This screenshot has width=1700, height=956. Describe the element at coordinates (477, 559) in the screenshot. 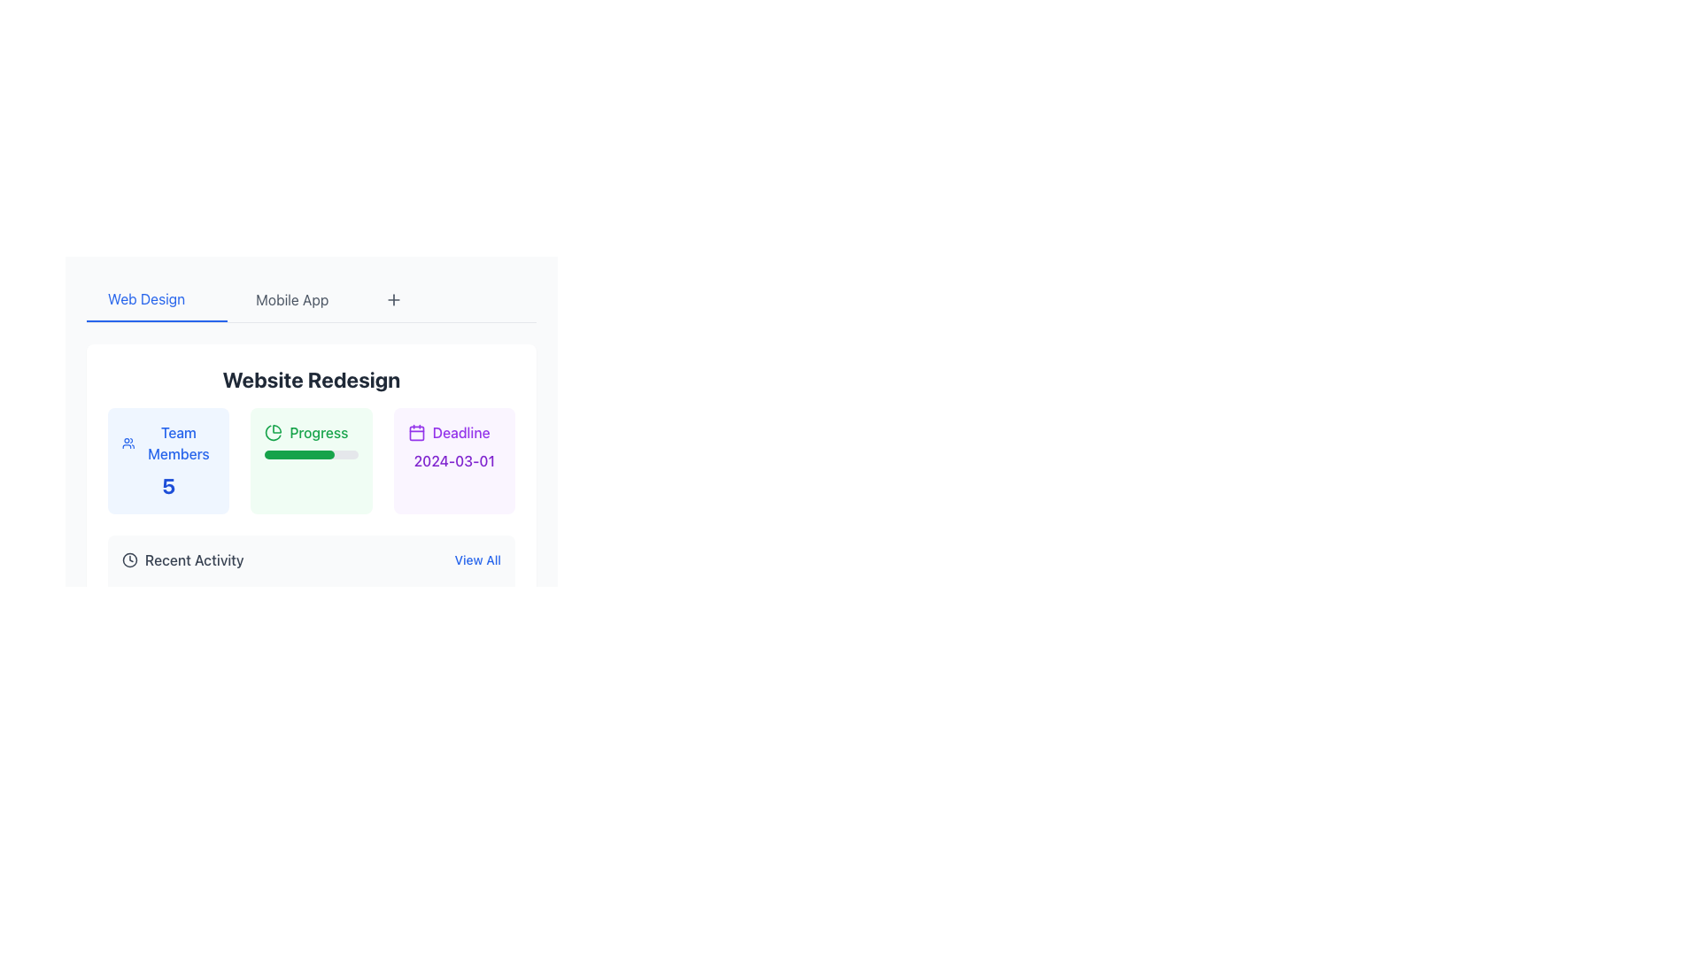

I see `the 'View All' text button, which is styled with a blue font and is located at the far right of the 'Recent Activity' section` at that location.